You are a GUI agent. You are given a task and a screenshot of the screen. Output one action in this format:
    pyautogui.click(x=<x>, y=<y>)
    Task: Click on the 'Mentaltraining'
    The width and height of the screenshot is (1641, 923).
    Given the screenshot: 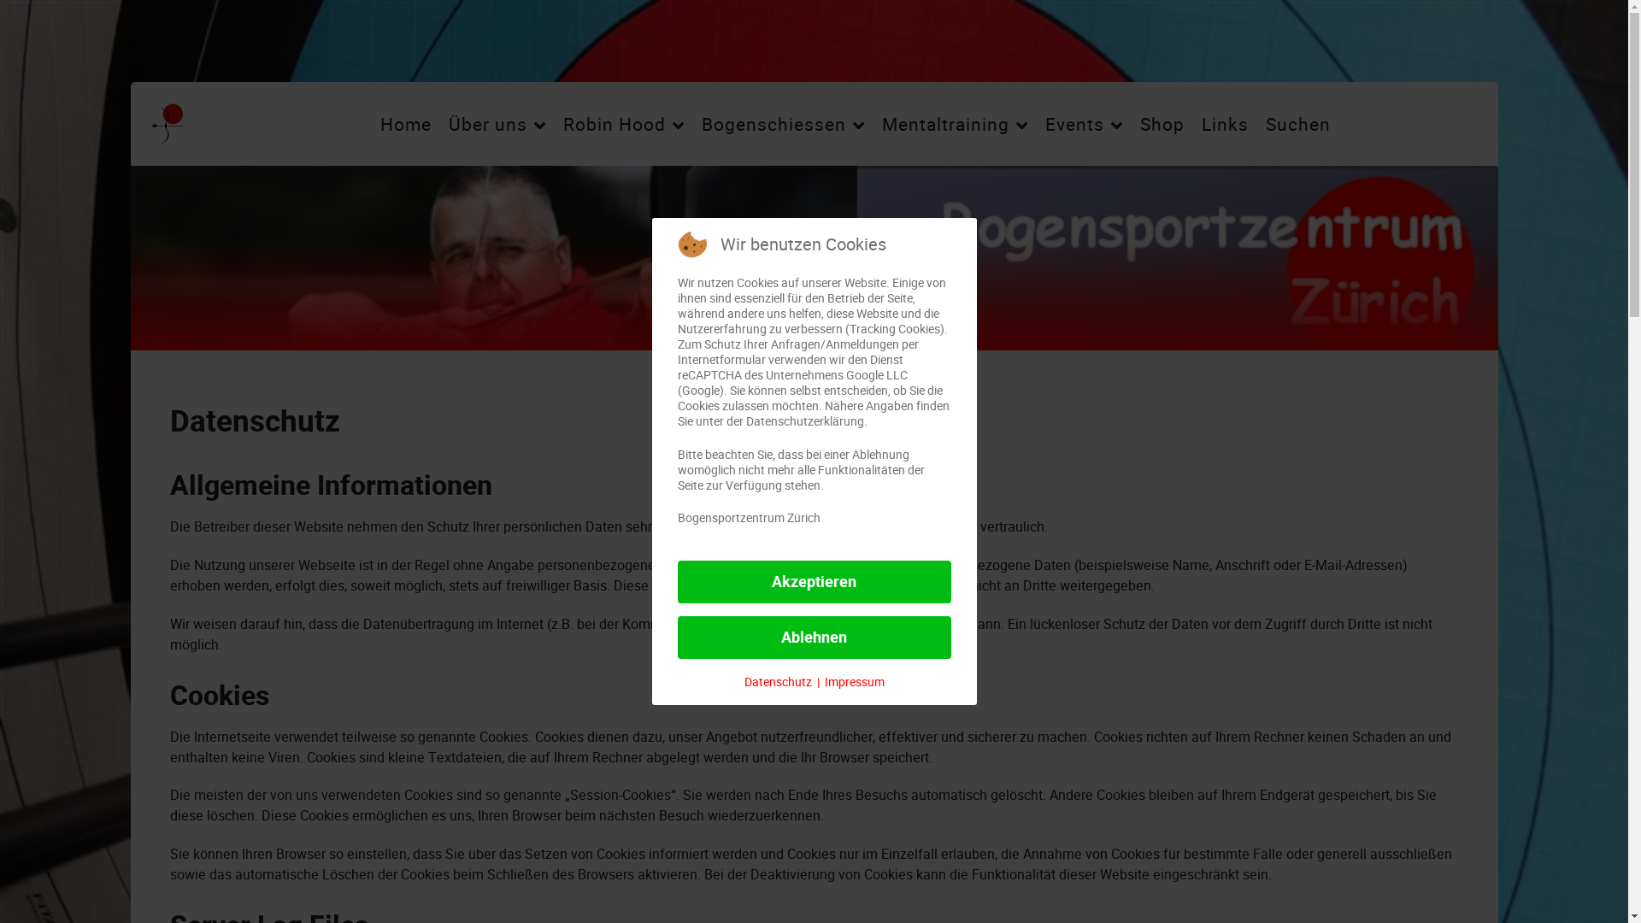 What is the action you would take?
    pyautogui.click(x=954, y=123)
    